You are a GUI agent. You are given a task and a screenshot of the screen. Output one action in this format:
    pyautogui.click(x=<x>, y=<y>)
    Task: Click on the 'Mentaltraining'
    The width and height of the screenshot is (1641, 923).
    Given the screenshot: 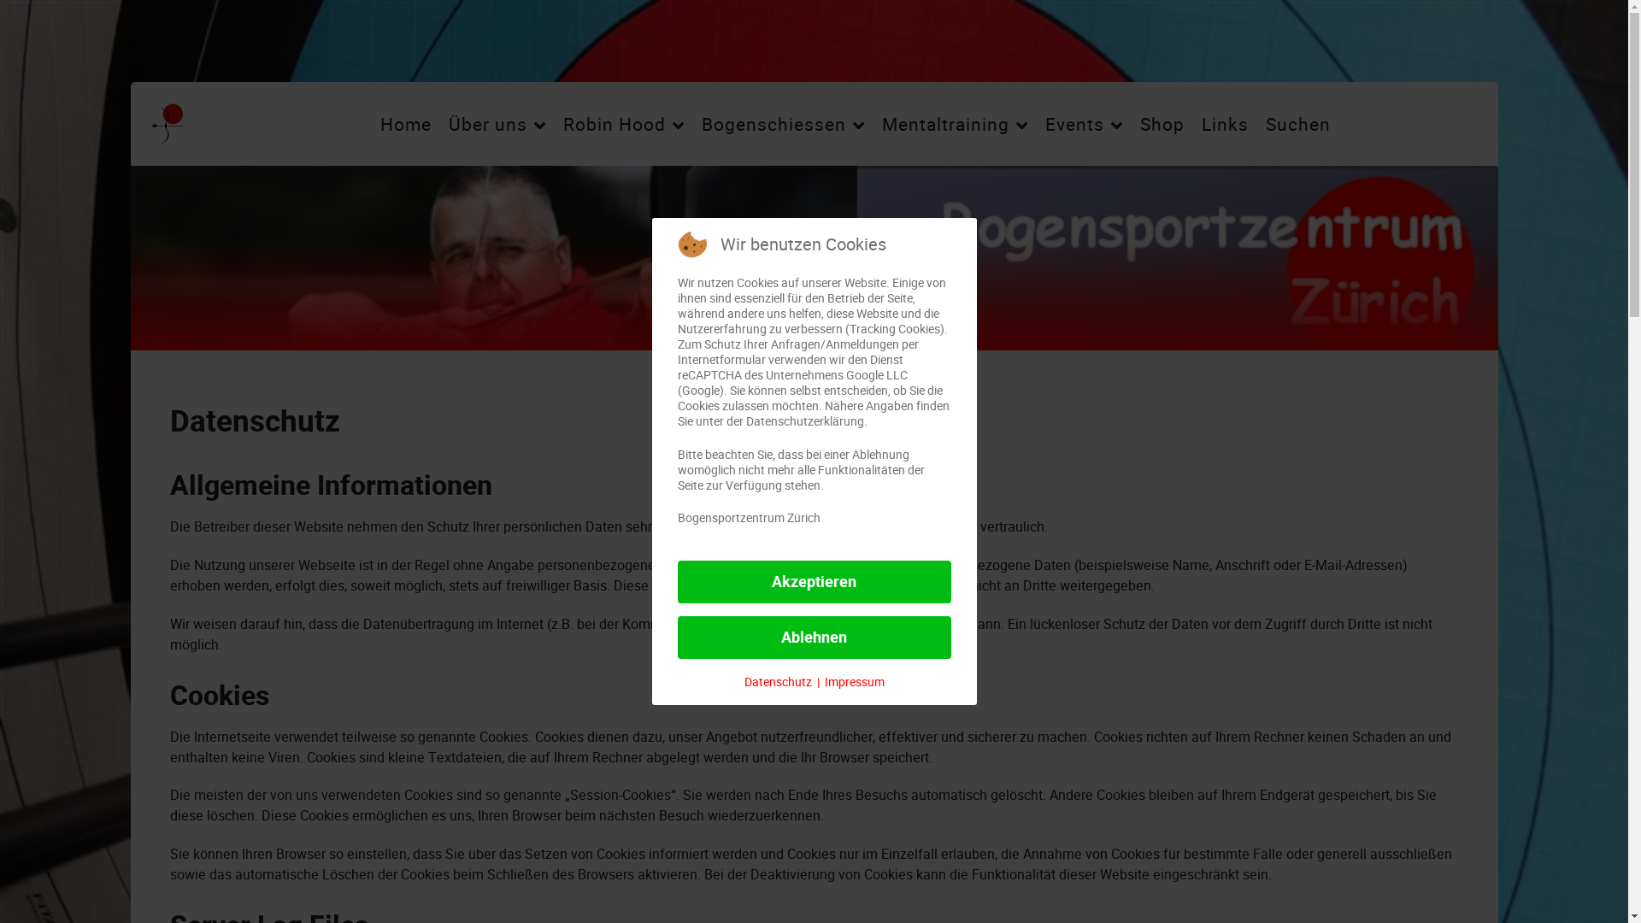 What is the action you would take?
    pyautogui.click(x=954, y=123)
    